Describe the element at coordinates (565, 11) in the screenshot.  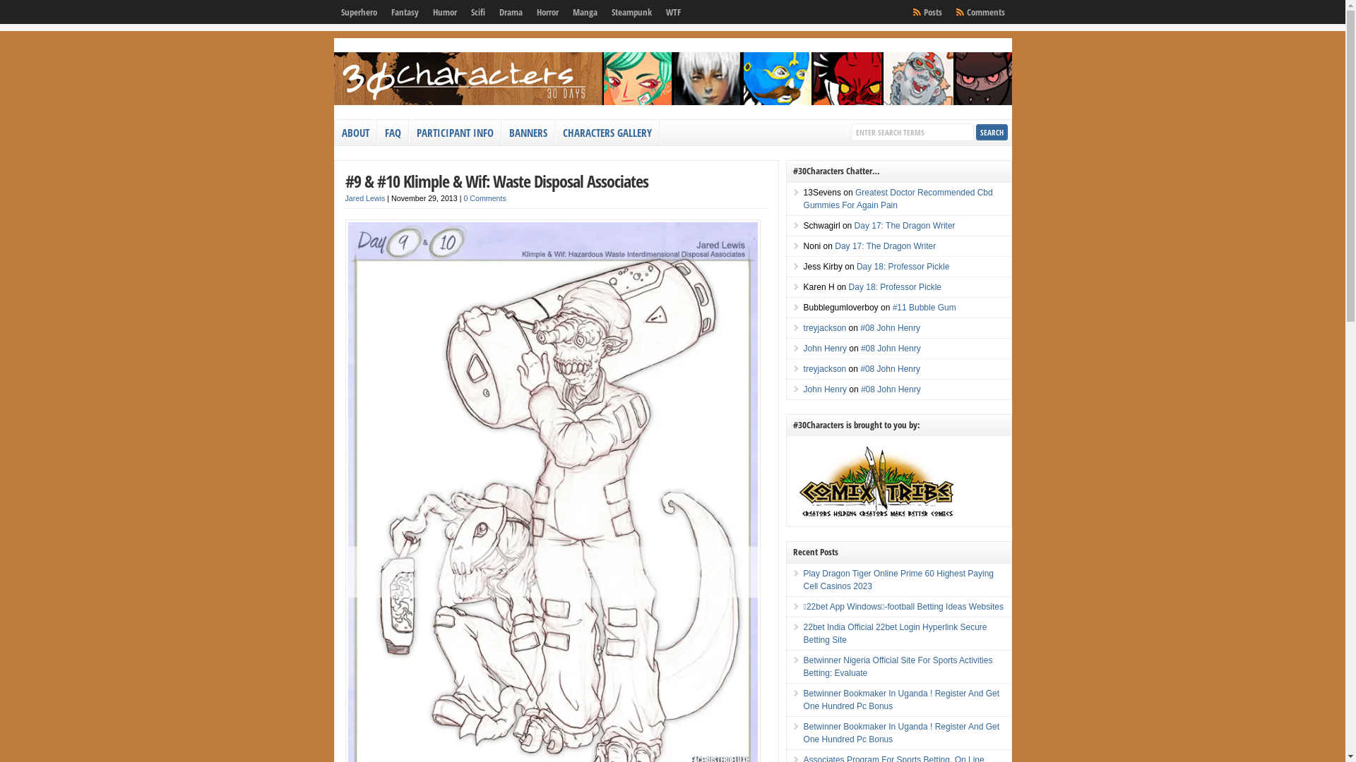
I see `'Manga'` at that location.